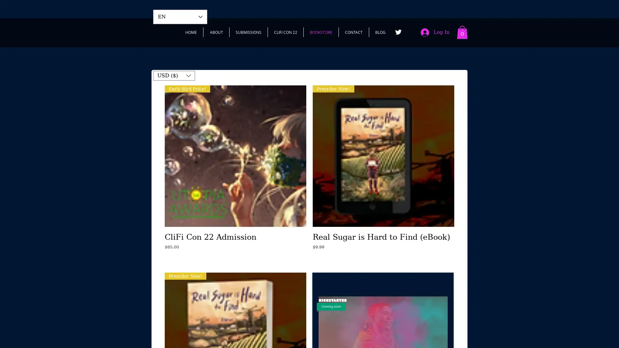  I want to click on Log In, so click(435, 32).